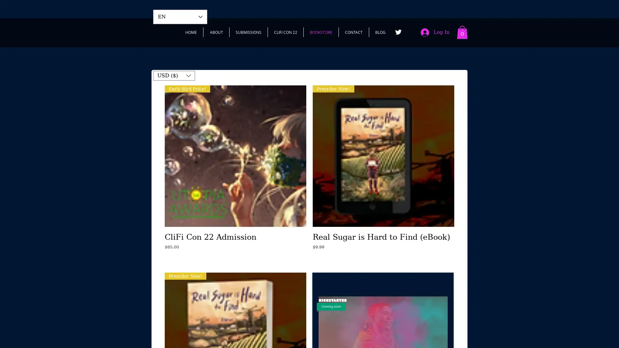  I want to click on Log In, so click(435, 32).